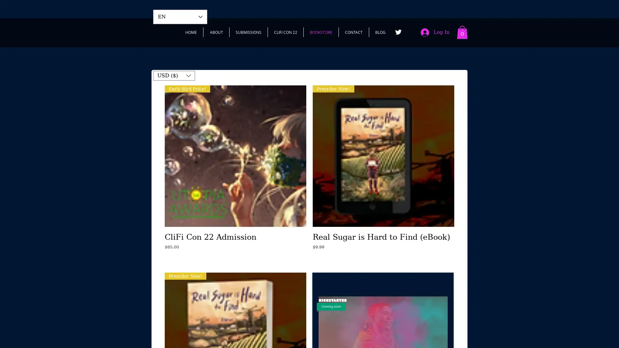  I want to click on Log In, so click(435, 32).